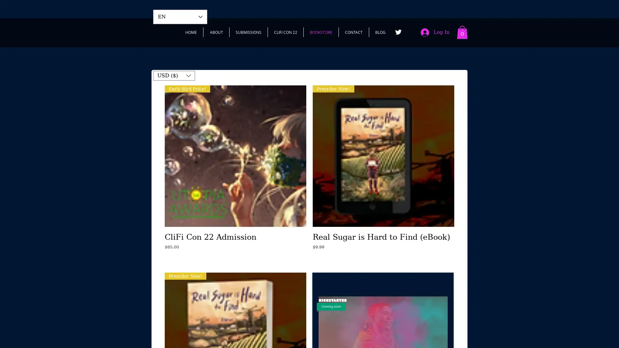  I want to click on Log In, so click(435, 32).